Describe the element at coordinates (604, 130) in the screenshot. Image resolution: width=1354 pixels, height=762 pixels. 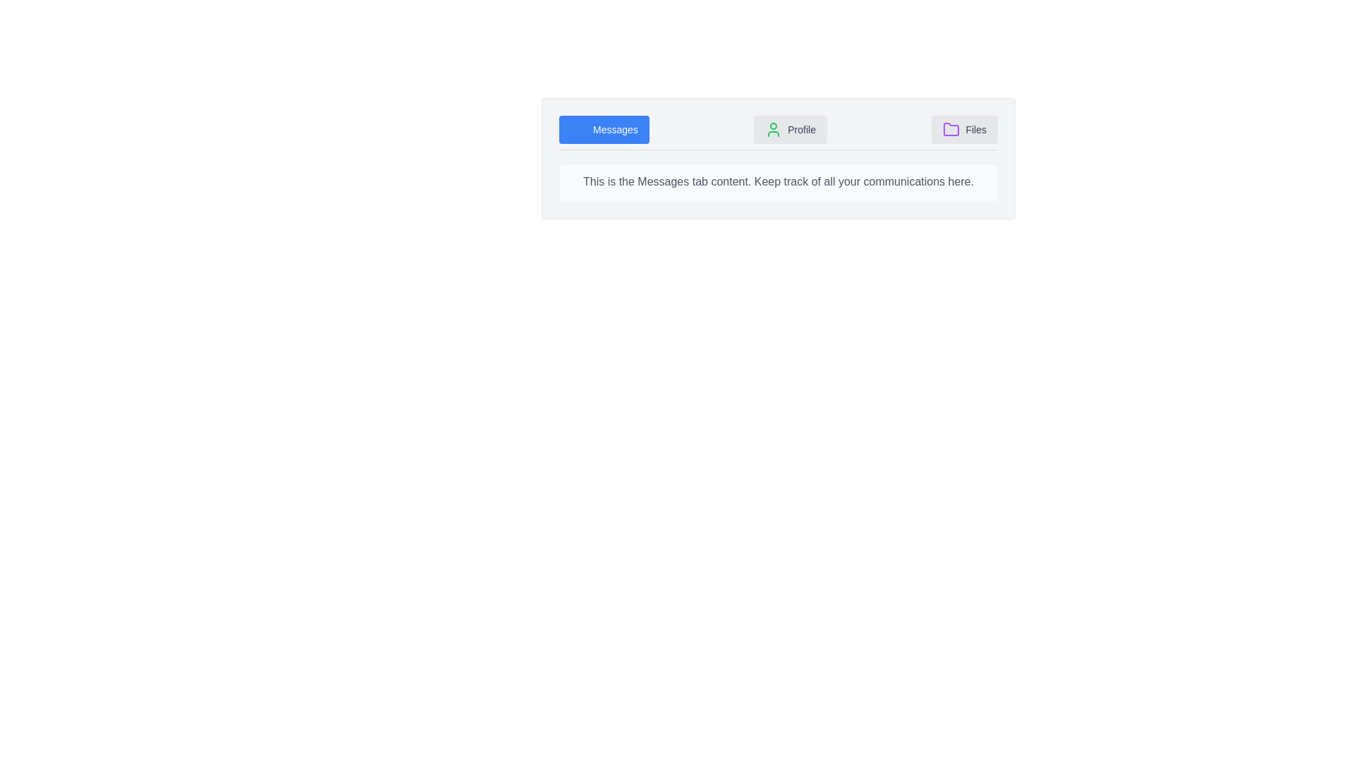
I see `the Messages tab` at that location.